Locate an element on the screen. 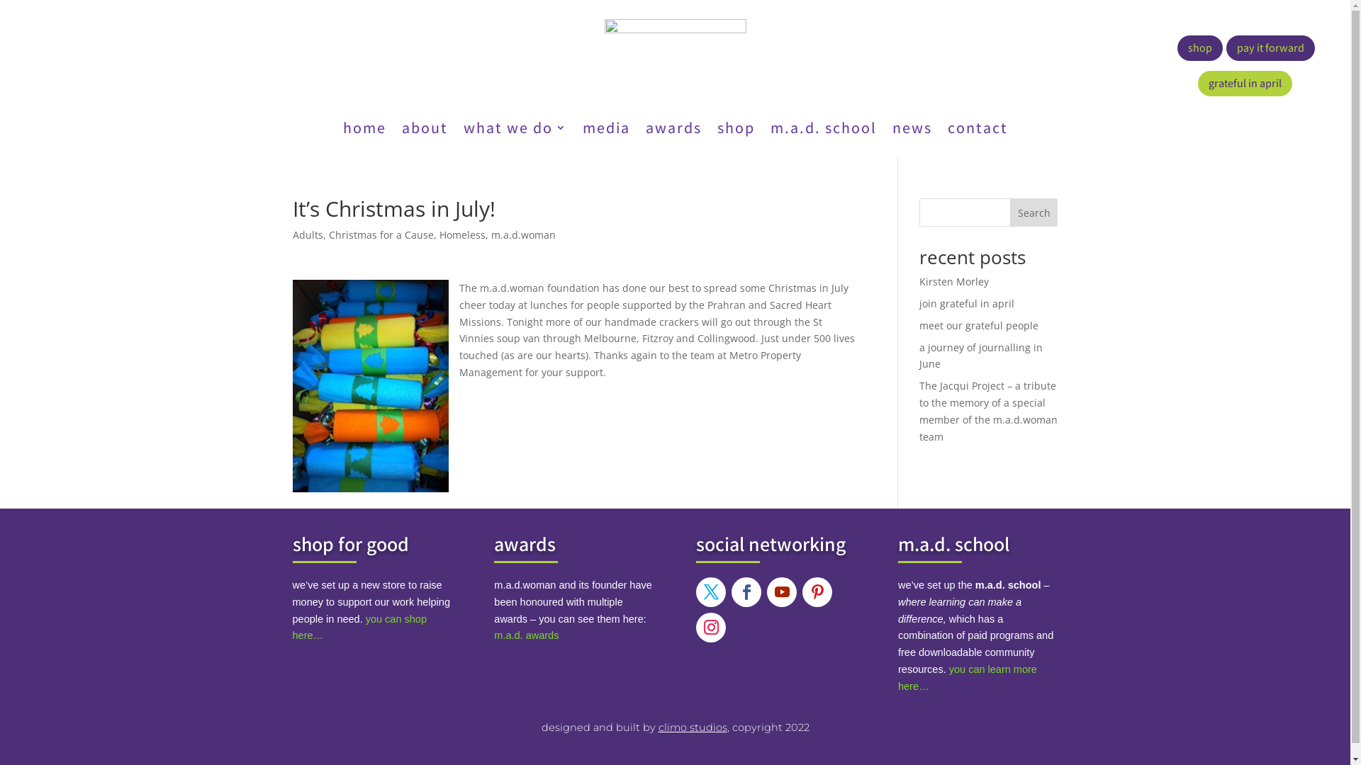 The image size is (1361, 765). 'Follow on Instagram' is located at coordinates (696, 627).